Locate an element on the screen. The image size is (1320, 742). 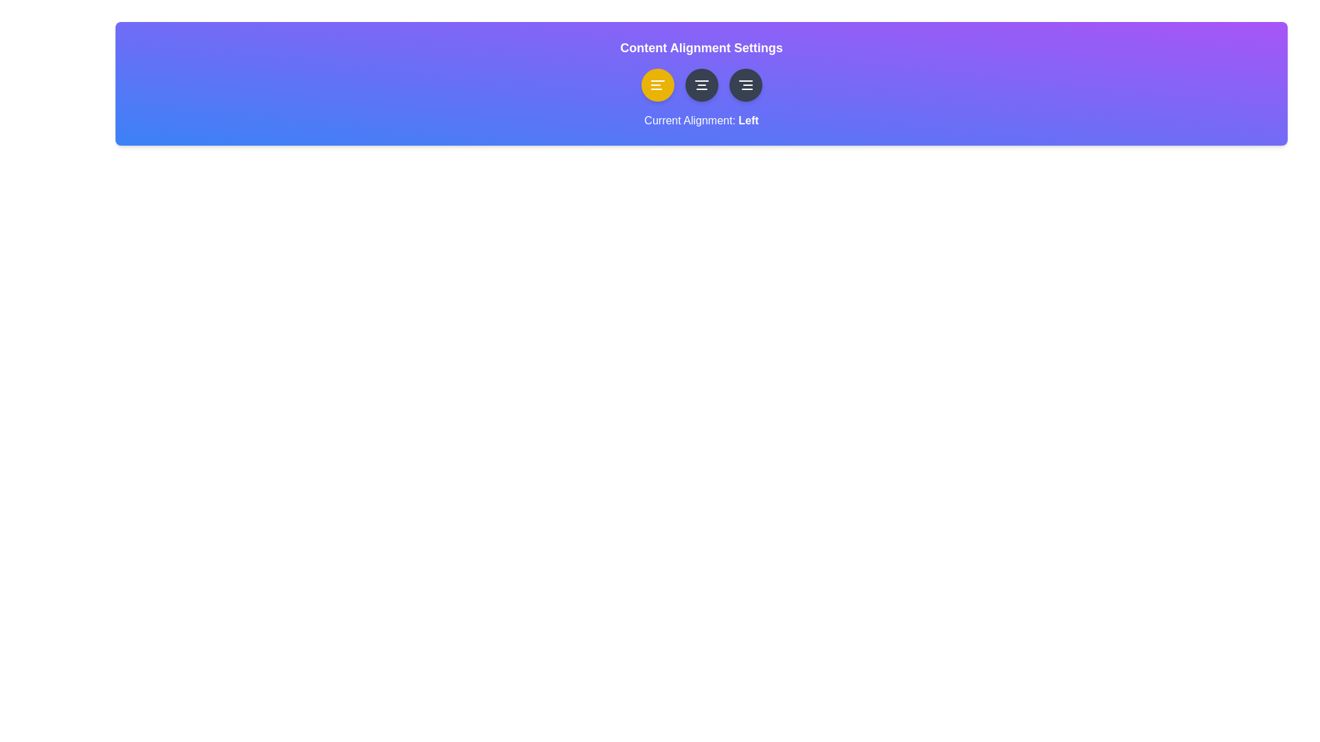
the alignment button to set alignment to left is located at coordinates (657, 85).